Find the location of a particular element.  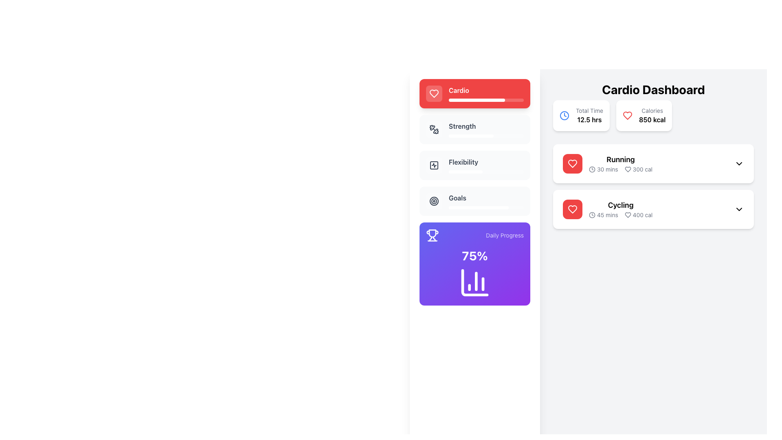

the heart-shaped icon outlined in grey is located at coordinates (627, 215).